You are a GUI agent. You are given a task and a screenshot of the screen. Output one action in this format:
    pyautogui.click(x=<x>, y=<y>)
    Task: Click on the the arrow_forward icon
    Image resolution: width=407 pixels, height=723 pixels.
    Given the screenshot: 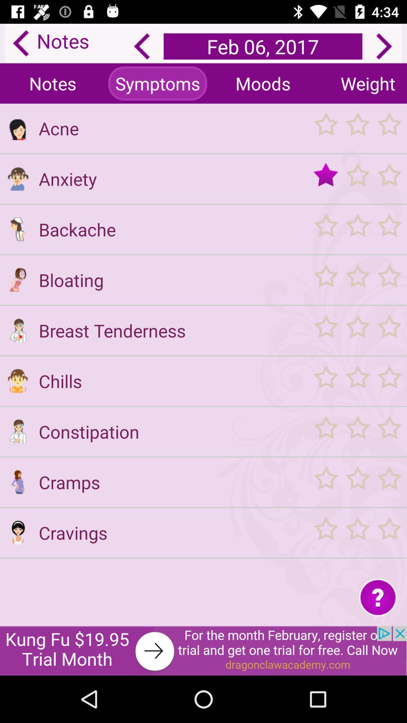 What is the action you would take?
    pyautogui.click(x=384, y=46)
    